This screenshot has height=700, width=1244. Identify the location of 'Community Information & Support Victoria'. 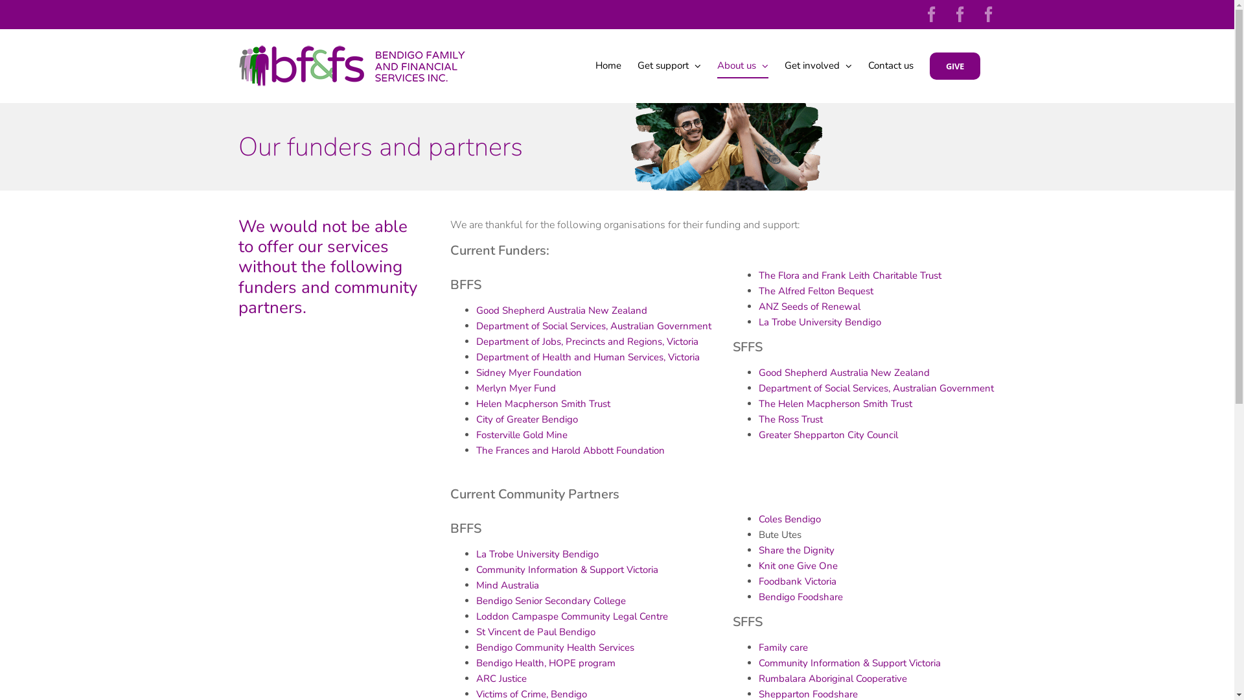
(759, 662).